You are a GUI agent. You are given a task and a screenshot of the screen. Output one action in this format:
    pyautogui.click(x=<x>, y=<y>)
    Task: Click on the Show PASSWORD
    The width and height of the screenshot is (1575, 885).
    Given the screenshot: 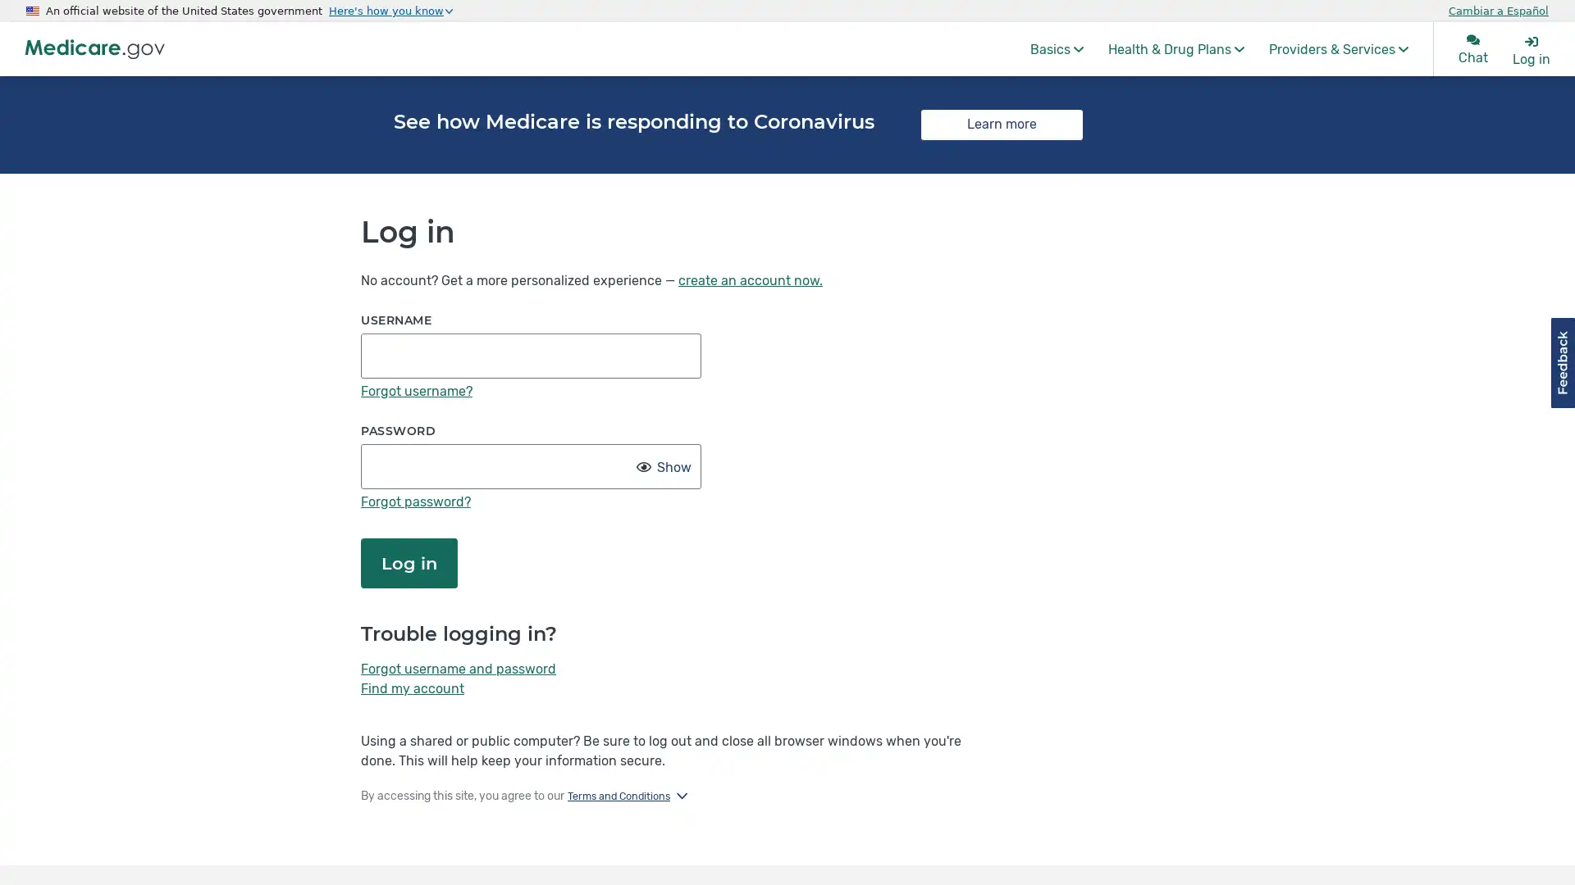 What is the action you would take?
    pyautogui.click(x=672, y=467)
    